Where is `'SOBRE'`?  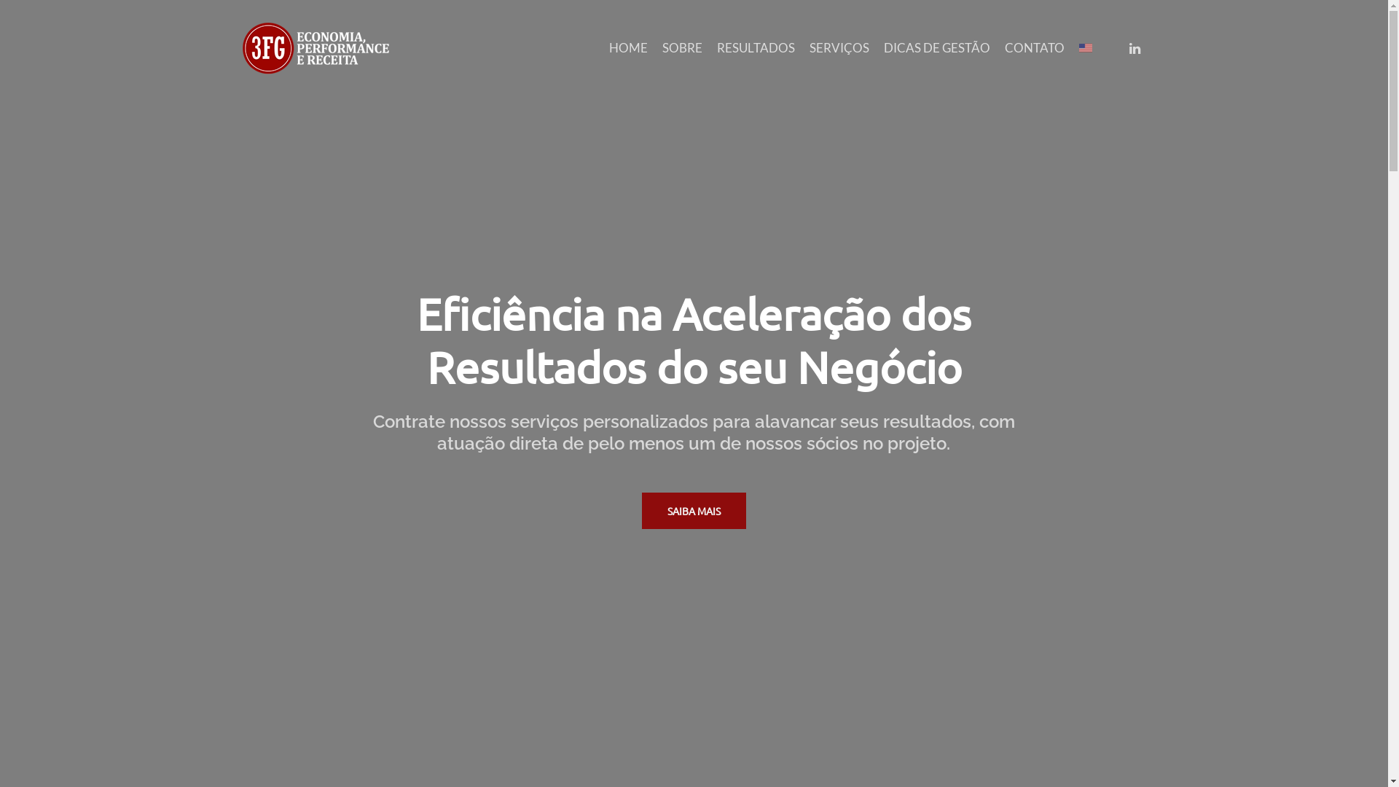
'SOBRE' is located at coordinates (681, 47).